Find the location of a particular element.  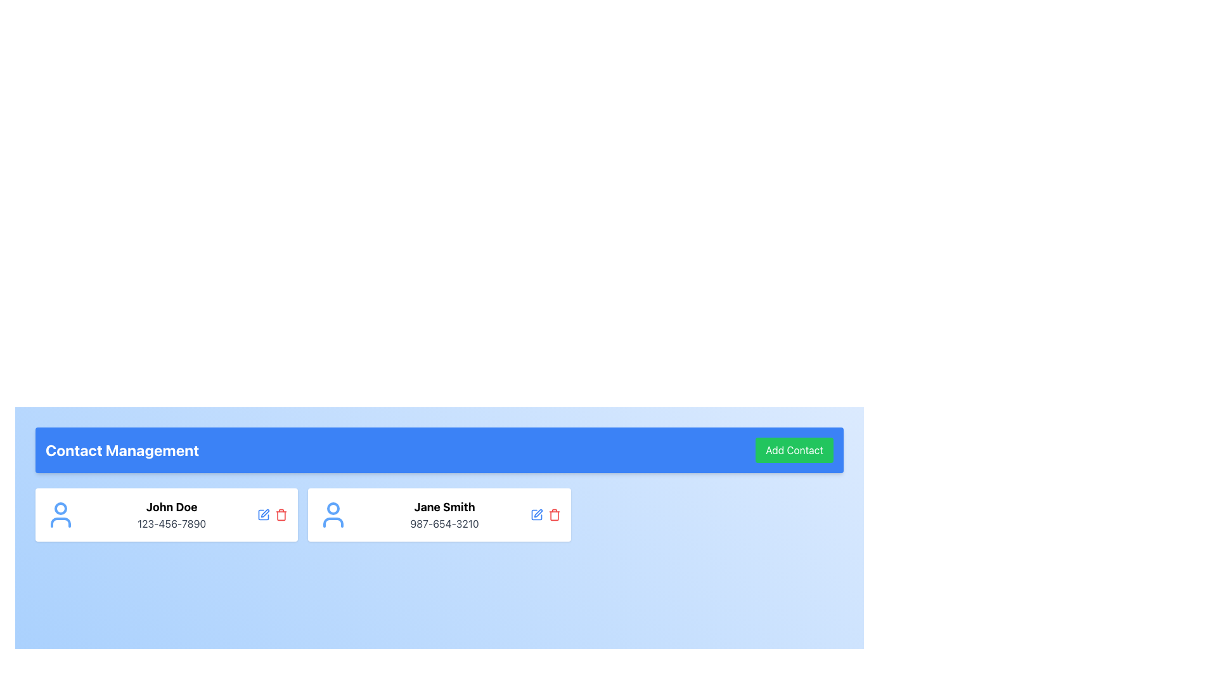

contact's name 'John Doe' and phone number '123-456-7890' displayed in the text block located on the left section of the card layout is located at coordinates (171, 515).